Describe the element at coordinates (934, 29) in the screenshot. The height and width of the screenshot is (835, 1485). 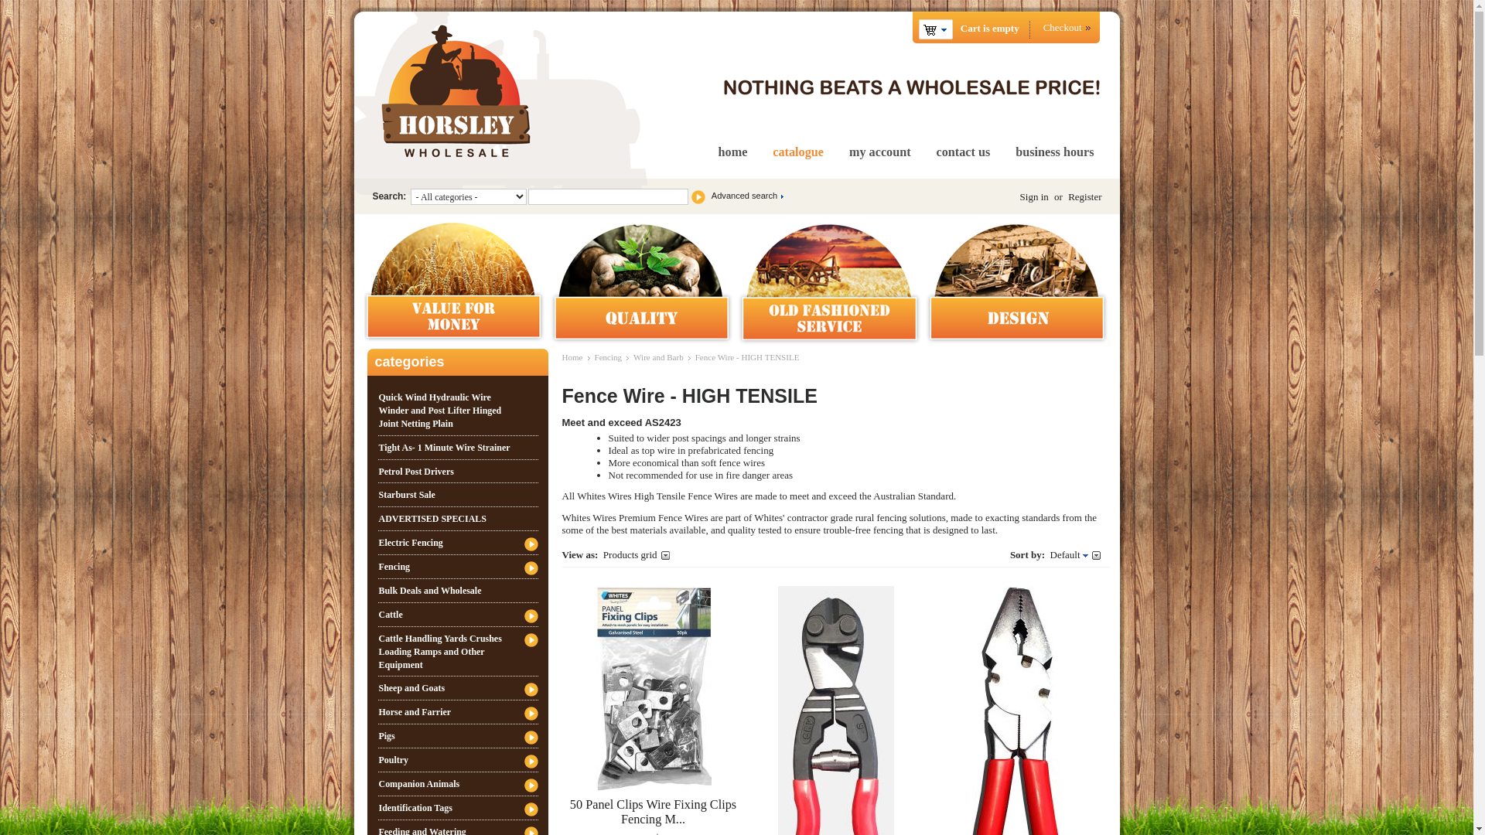
I see `'Cart is empty'` at that location.